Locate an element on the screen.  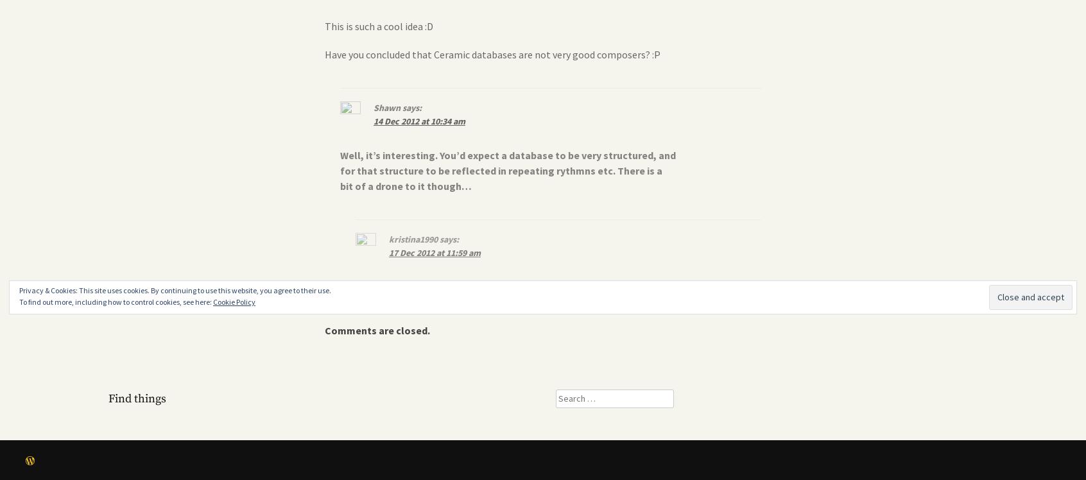
'To find out more, including how to control cookies, see here:' is located at coordinates (116, 302).